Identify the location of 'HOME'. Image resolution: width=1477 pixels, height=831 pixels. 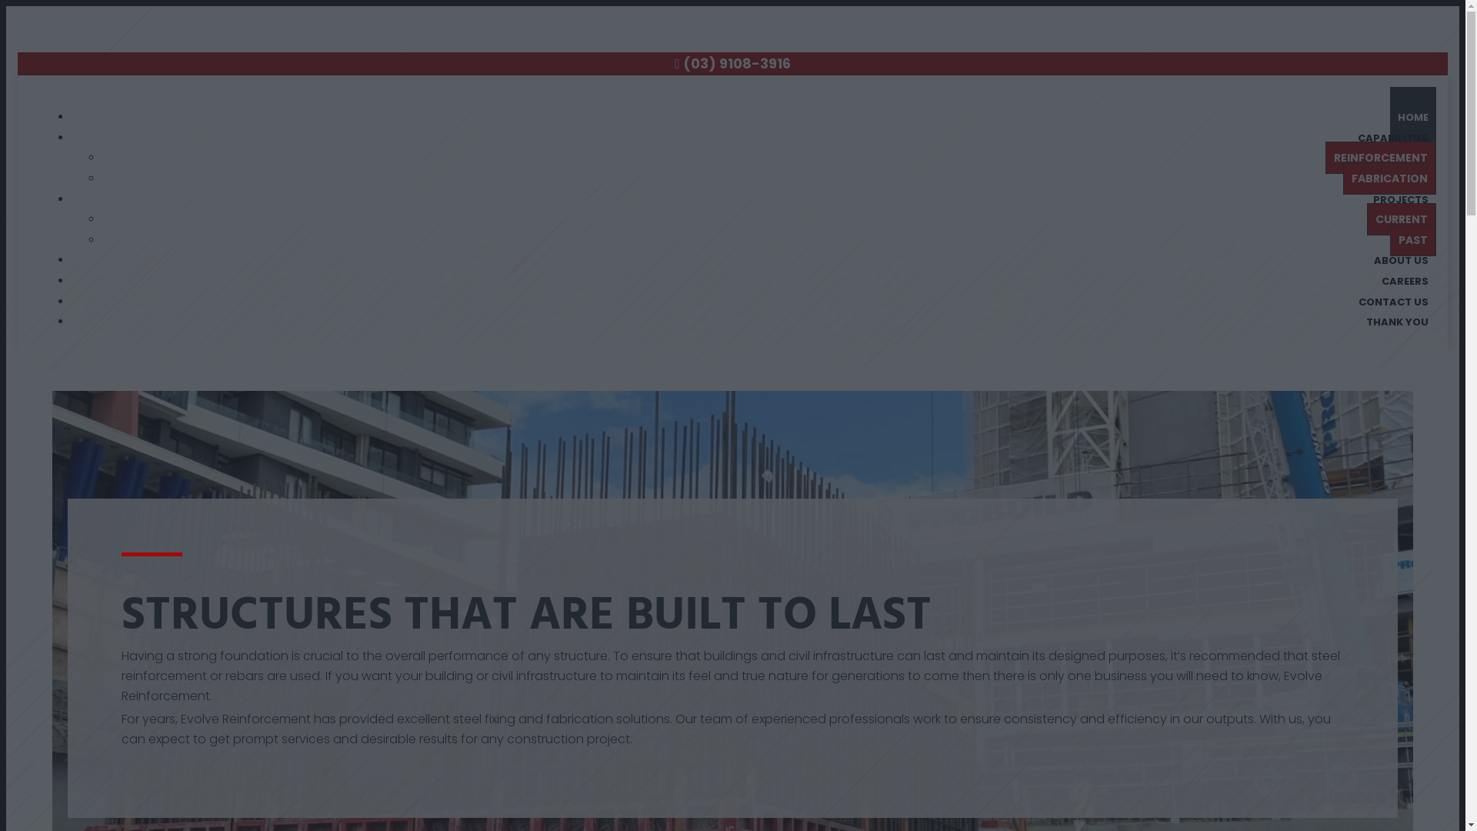
(1413, 116).